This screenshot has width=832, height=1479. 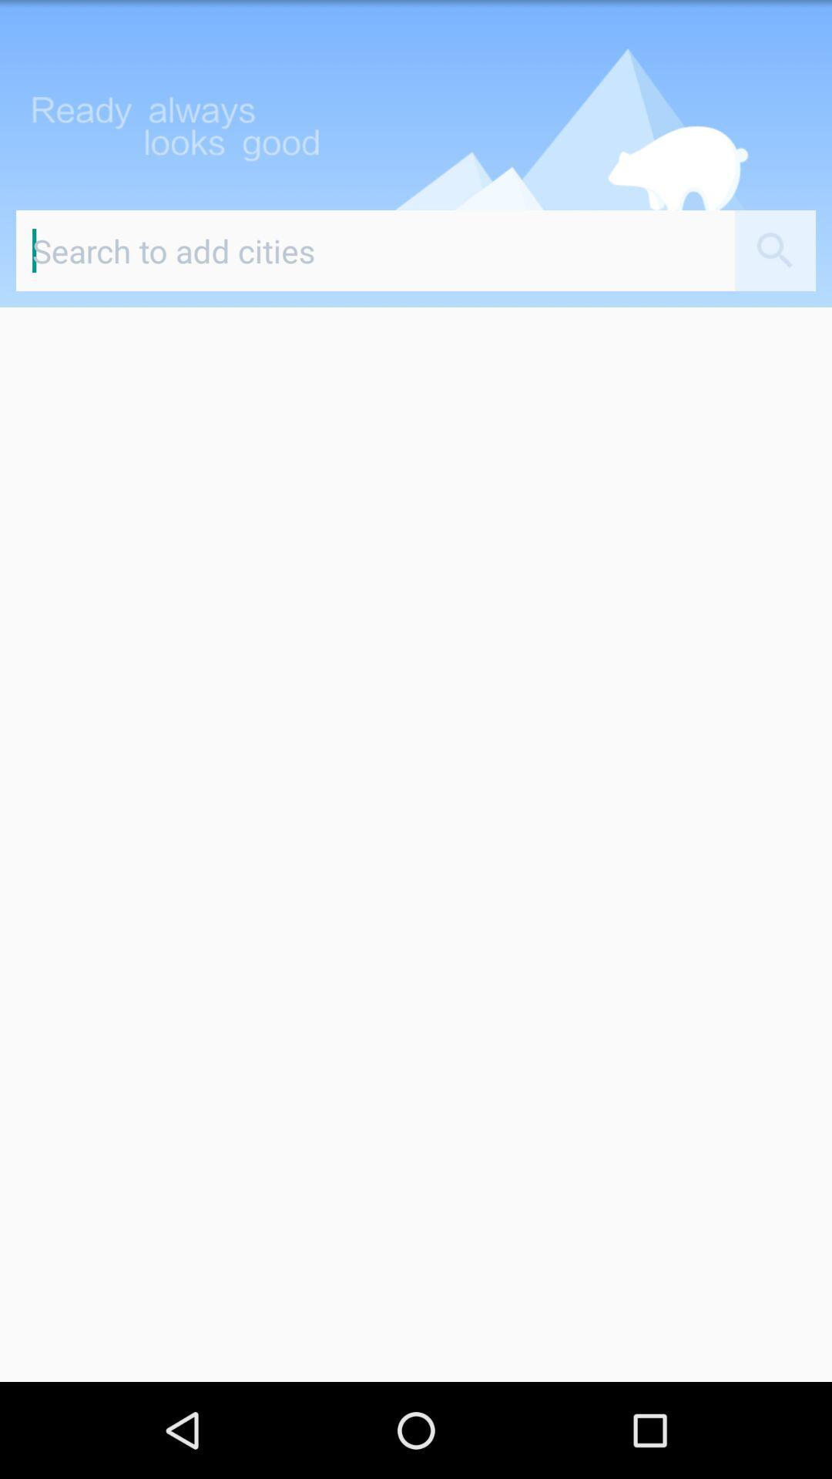 I want to click on search field, so click(x=375, y=250).